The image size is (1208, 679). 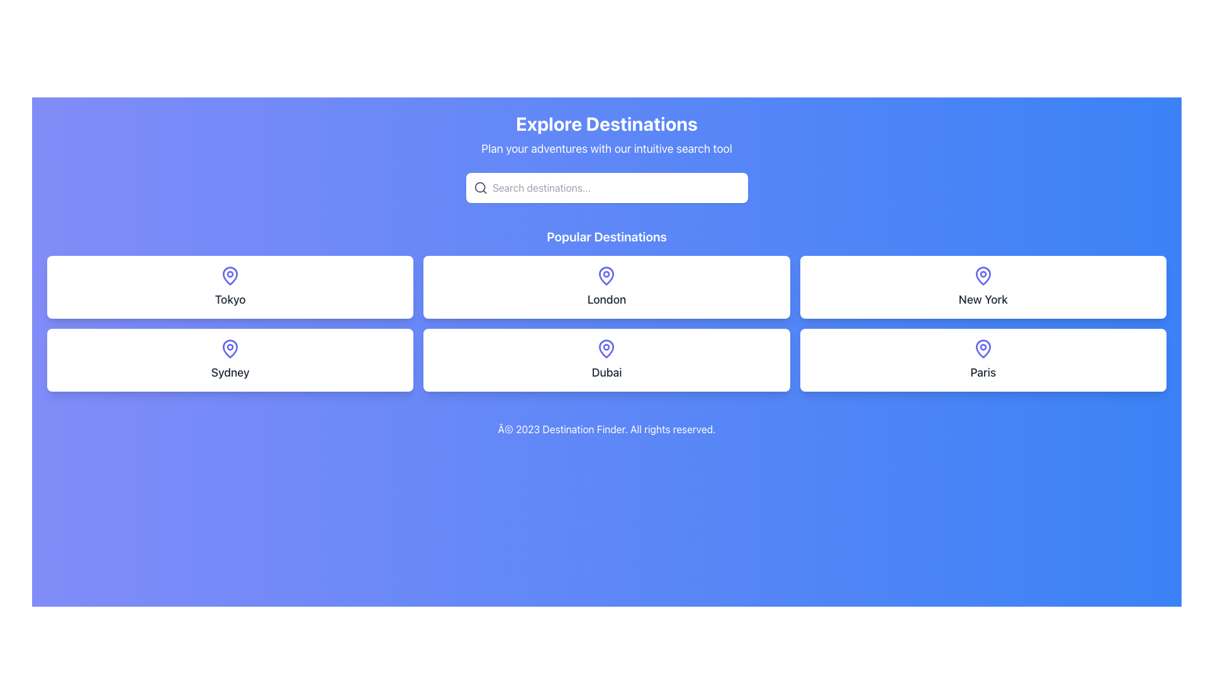 I want to click on the search input field located at the top center of the interface, below 'Explore Destinations', to focus on it for user input, so click(x=616, y=188).